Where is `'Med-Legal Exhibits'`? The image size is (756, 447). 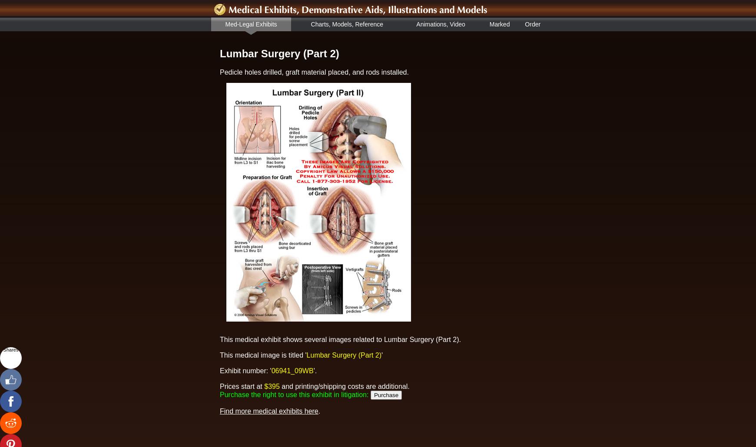 'Med-Legal Exhibits' is located at coordinates (250, 24).